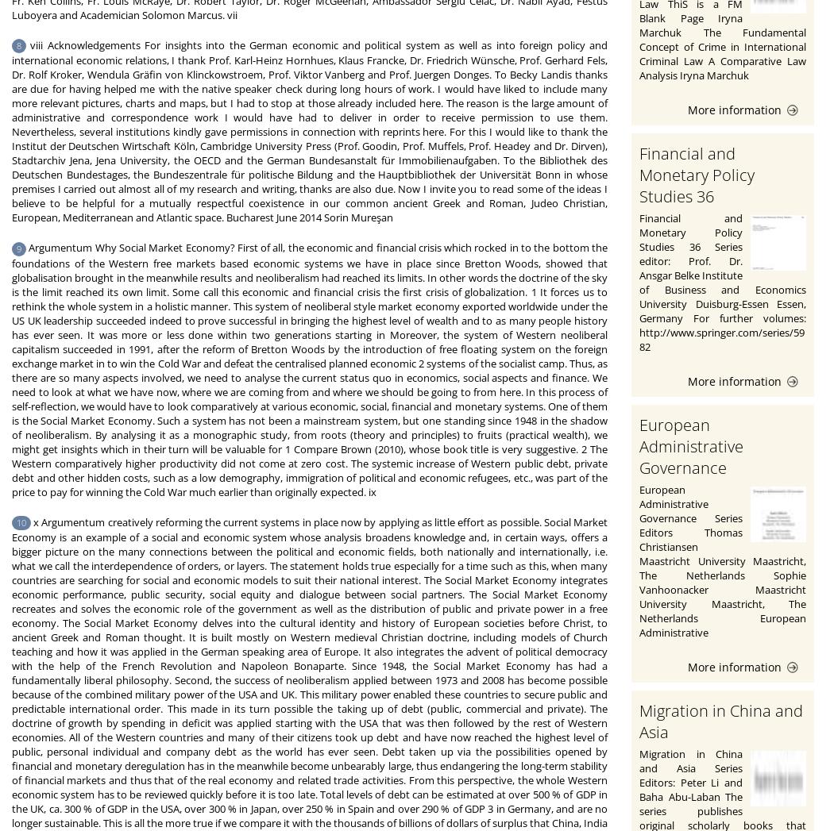 The width and height of the screenshot is (834, 831). I want to click on 'viii Acknowledgements For insights into the German economic and political system as well as into foreign policy and international economic relations, I thank Prof. Karl-Heinz Hornhues, Klaus Francke, Dr. Friedrich Wünsche, Prof. Gerhard Fels, Dr. Rolf Kroker, Wendula Gräfin von Klinckowstroem, Prof. Viktor Vanberg and Prof. Juergen Donges. To Becky Landis thanks are due for having helped me with the native speaker check during long hours of work. I would have liked to include many more relevant pictures, charts and maps, but I had to stop at those already included here. The reason is the large amount of administrative and correspondence work I would have had to deliver in order to receive permission to use them. Nevertheless, several institutions kindly gave permissions in connection with reprints here. For this I would like to thank the Institut der Deutschen Wirtschaft Köln, Cambridge University Press (Prof. Goodin, Prof. Muffels, Prof. Headey and Dr. Dirven), Stadtarchiv Jena, Jena University, the OECD and the German Bundesanstalt für Immobilienaufgaben. To the Bibliothek des Deutschen Bundestages, the Bundeszentrale für politische Bildung and the Hauptbibliothek der Universität Bonn in whose premises I carried out almost all of my research and writing, thanks are also due. Now I invite you to read some of the ideas I believe to be helpful for a mutually respectful coexistence in our common ancient Greek and Roman, Judeo Christian, European, Mediterranean and Atlantic space. Bucharest June 2014 Sorin Mureşan', so click(309, 131).